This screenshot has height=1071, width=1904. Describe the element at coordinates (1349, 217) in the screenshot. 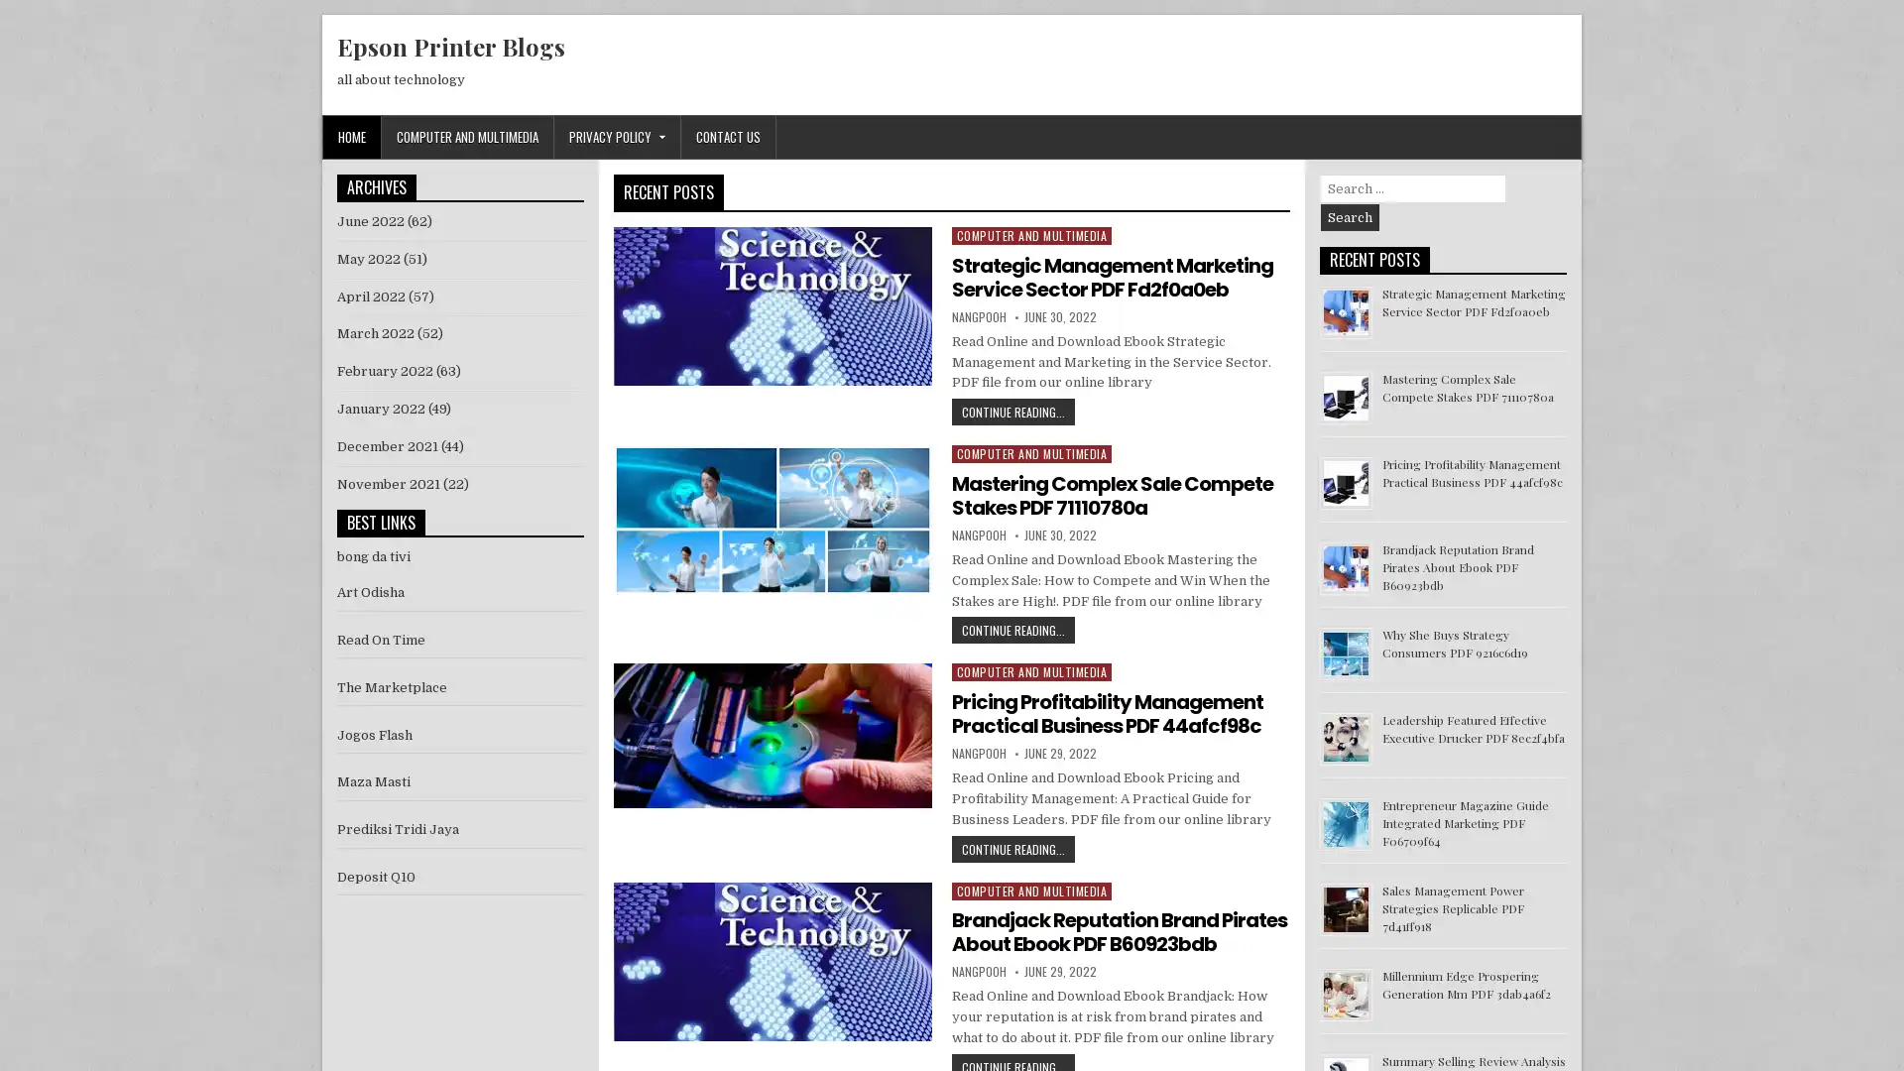

I see `Search` at that location.